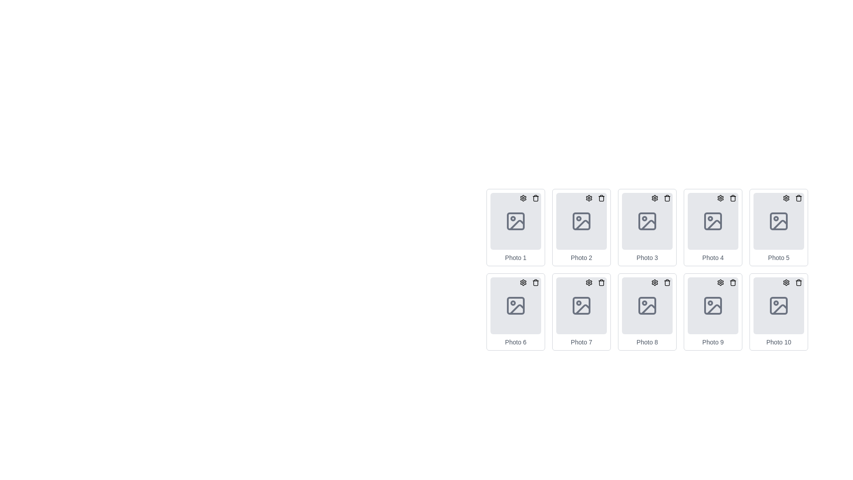  What do you see at coordinates (601, 283) in the screenshot?
I see `the delete icon located at the top-right corner of the card labeled 'Photo 7'` at bounding box center [601, 283].